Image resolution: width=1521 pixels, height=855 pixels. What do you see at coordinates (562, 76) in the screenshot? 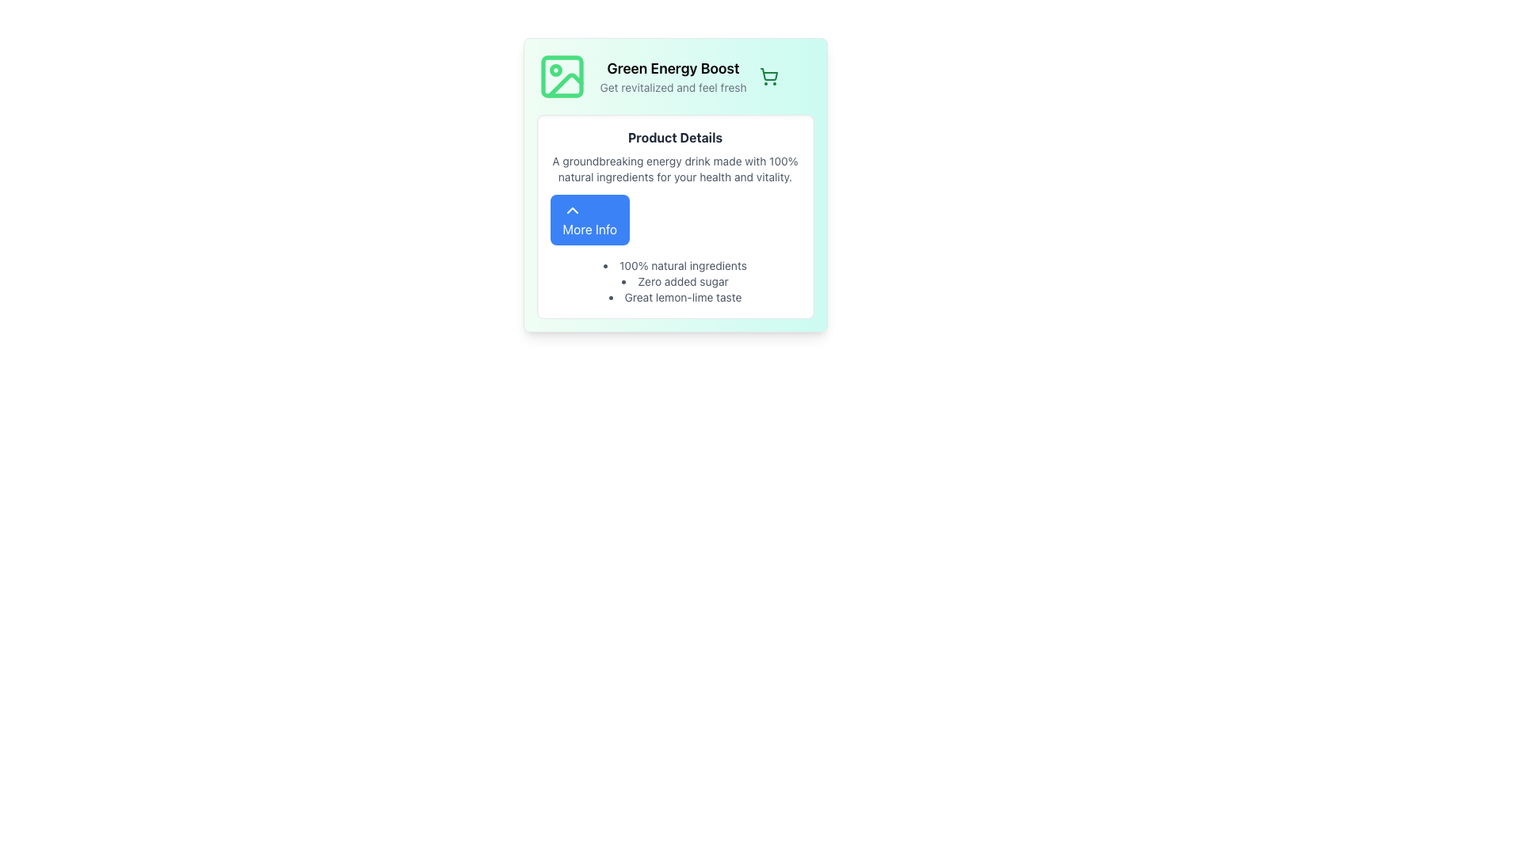
I see `the green file or image graphic icon located at the top-left corner of the 'Green Energy Boost' card, which features a circular detail and a mountain design` at bounding box center [562, 76].